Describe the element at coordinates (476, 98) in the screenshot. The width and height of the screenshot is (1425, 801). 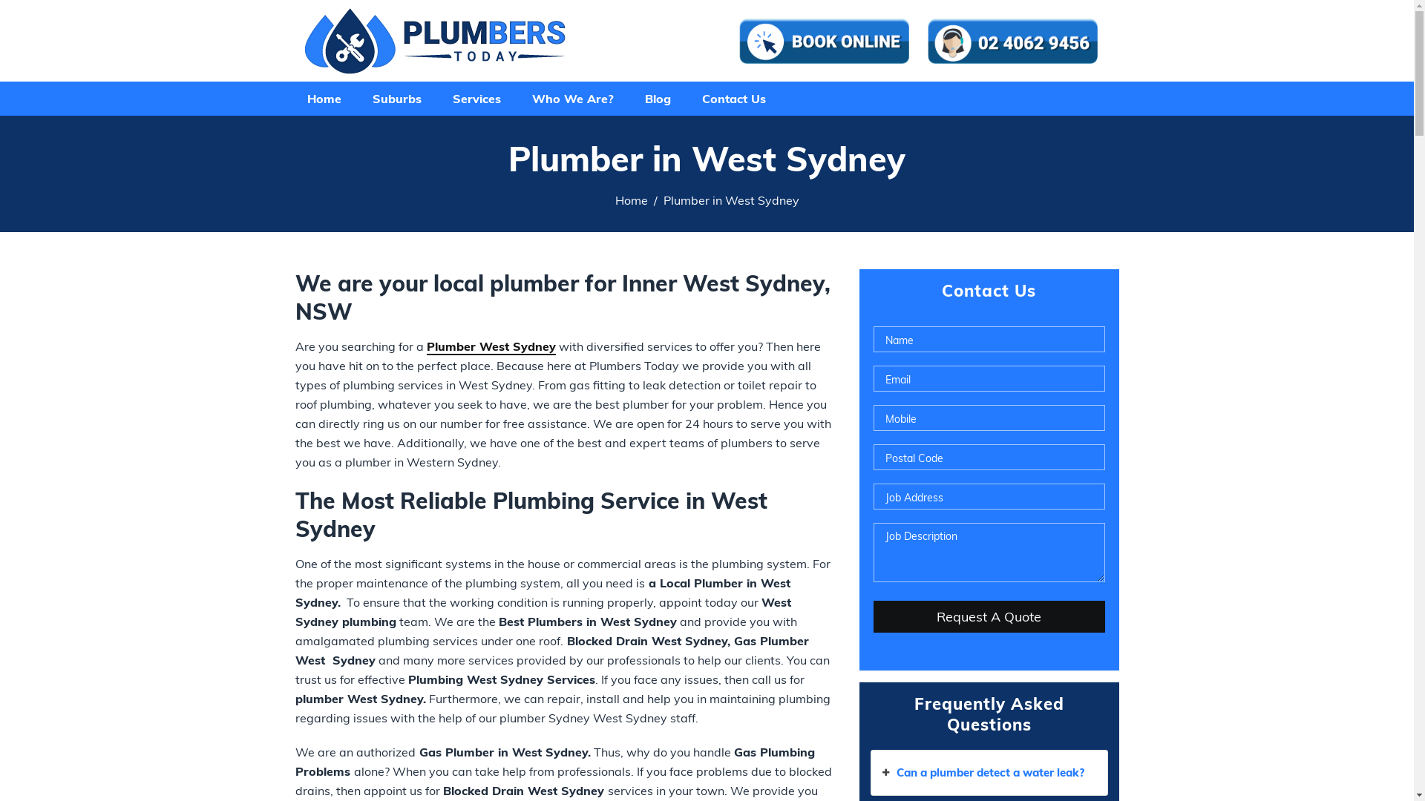
I see `'Services'` at that location.